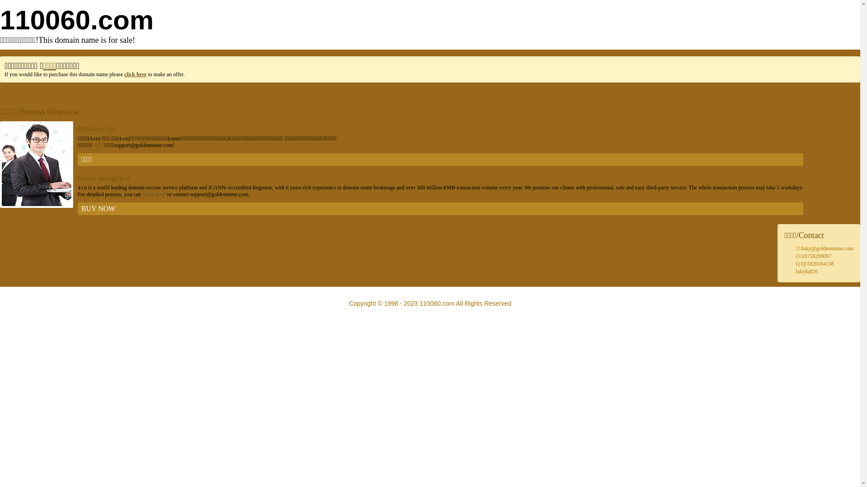 The image size is (867, 487). Describe the element at coordinates (135, 74) in the screenshot. I see `'click here'` at that location.